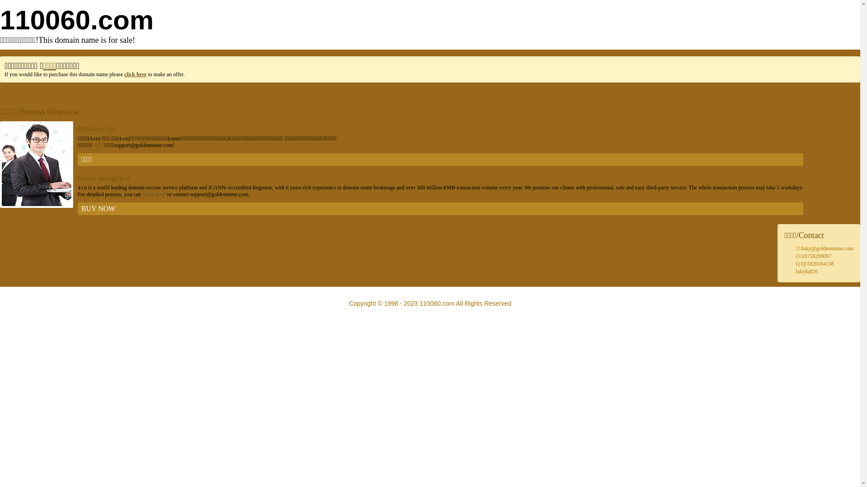 The image size is (867, 487). Describe the element at coordinates (135, 74) in the screenshot. I see `'click here'` at that location.